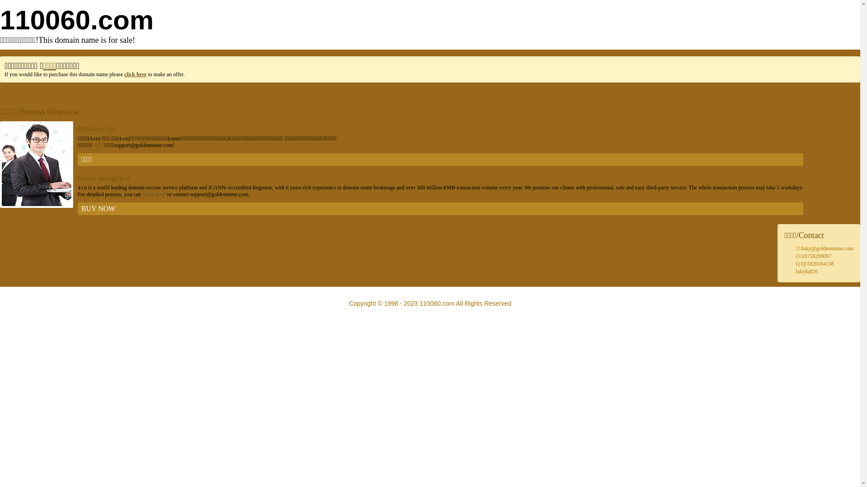 The image size is (867, 487). Describe the element at coordinates (135, 74) in the screenshot. I see `'click here'` at that location.